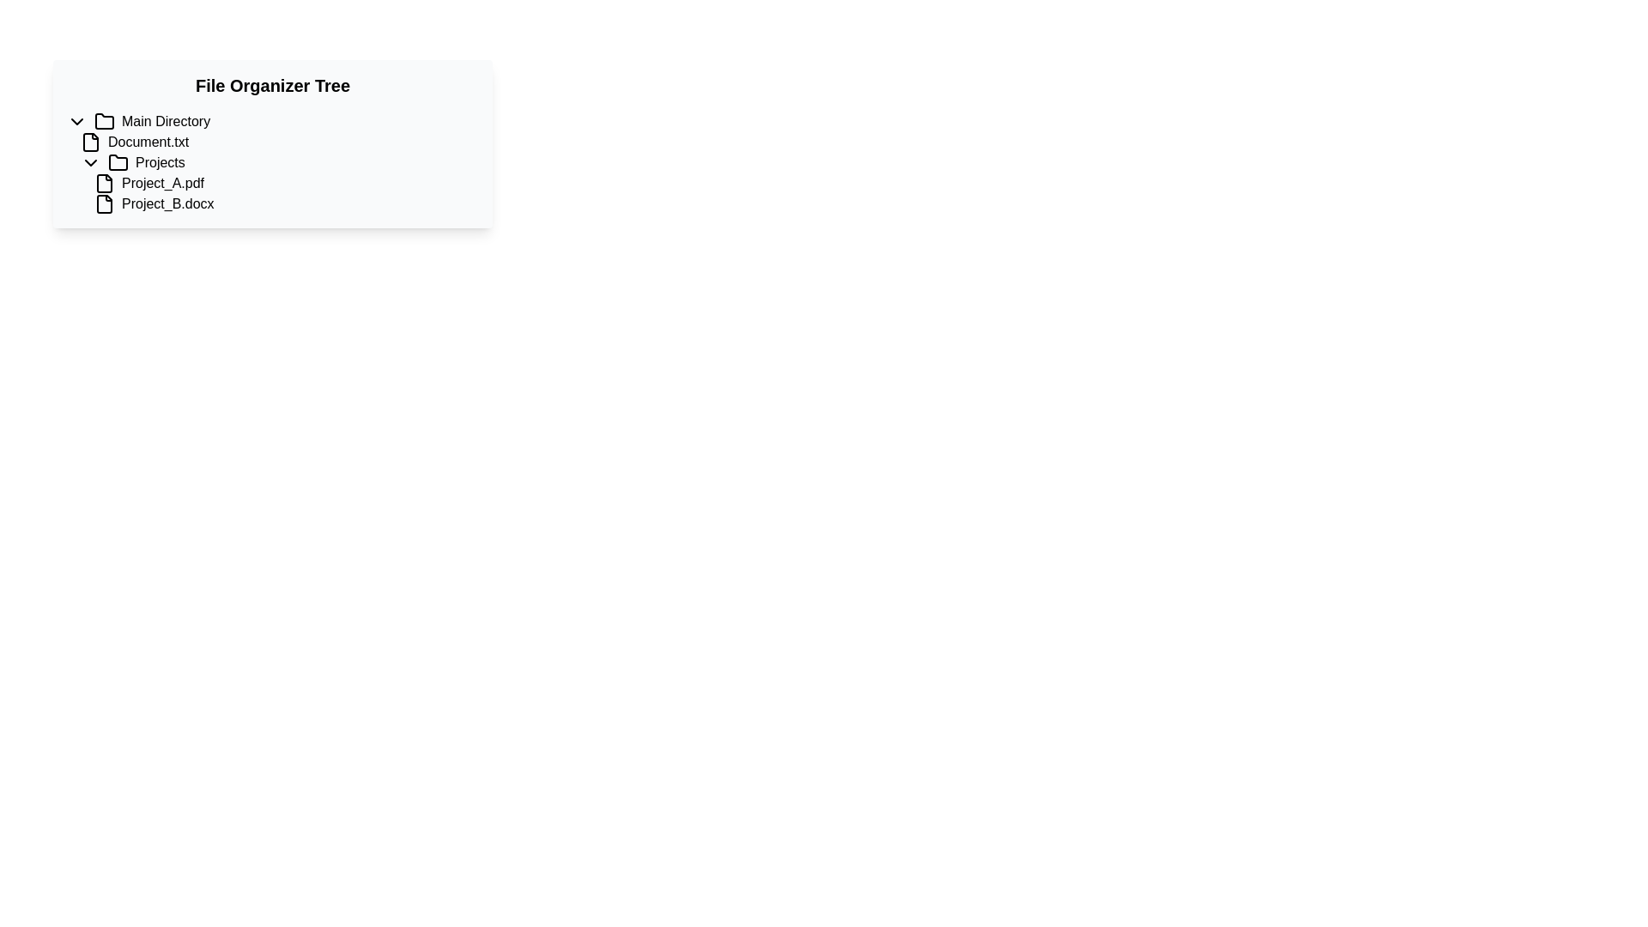 The width and height of the screenshot is (1648, 927). I want to click on the document file type icon that is positioned directly to the left of the label 'Document.txt', so click(89, 141).